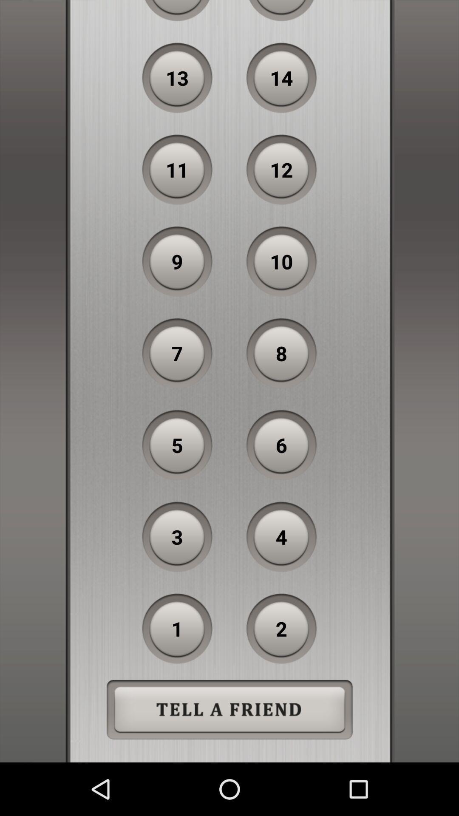  What do you see at coordinates (281, 353) in the screenshot?
I see `the 8 button` at bounding box center [281, 353].